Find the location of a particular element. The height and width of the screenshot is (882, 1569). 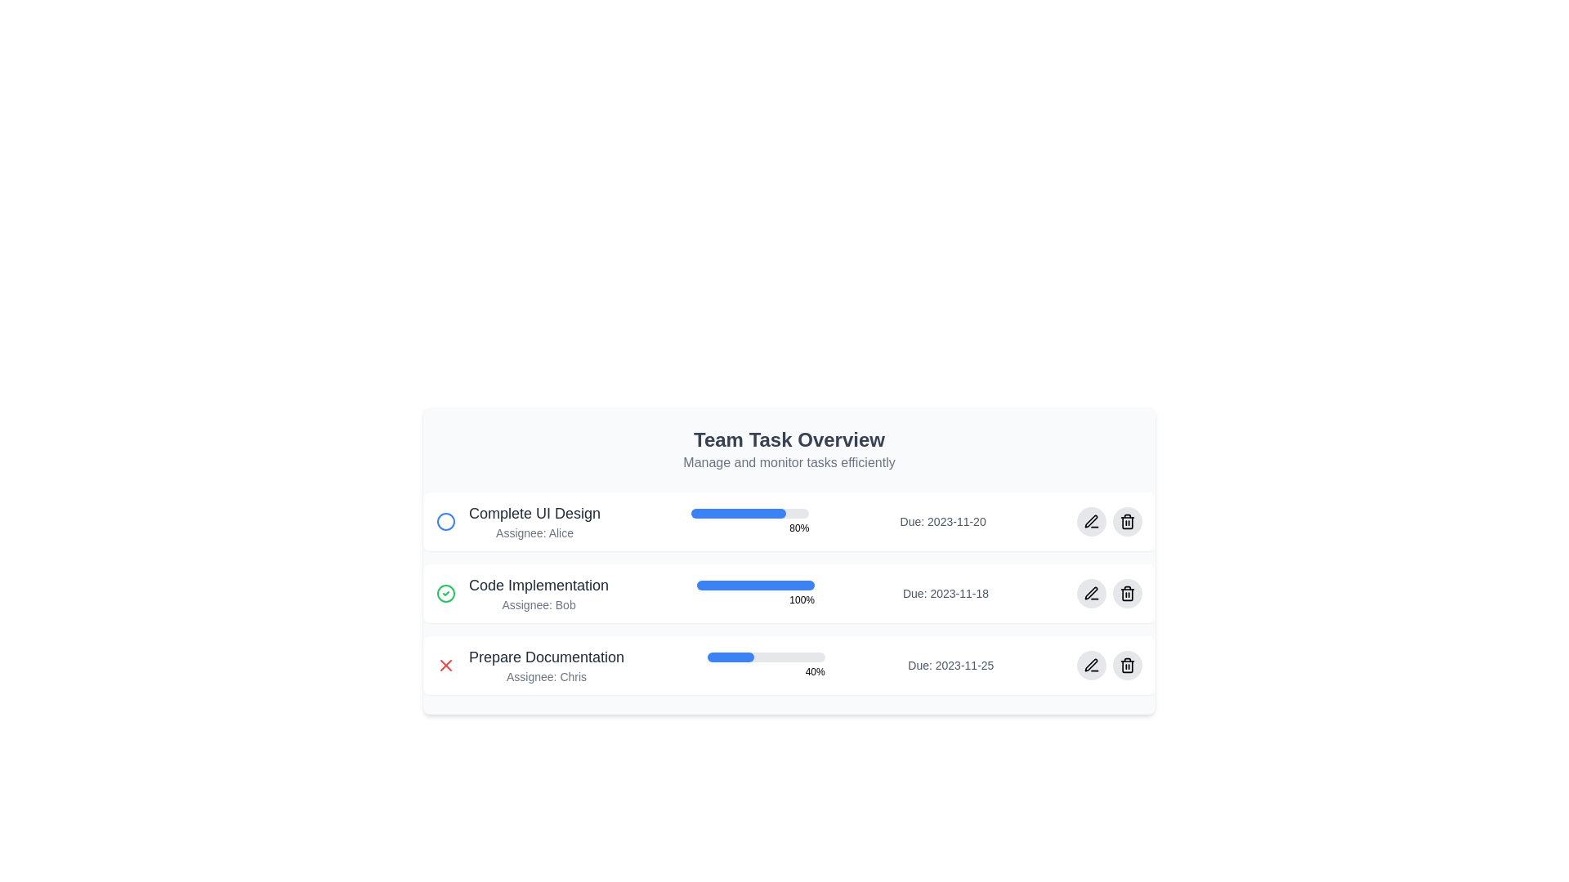

the text label displaying 'Assignee: Alice', which is styled in gray and positioned directly below the bold 'Complete UI Design' text is located at coordinates (534, 532).